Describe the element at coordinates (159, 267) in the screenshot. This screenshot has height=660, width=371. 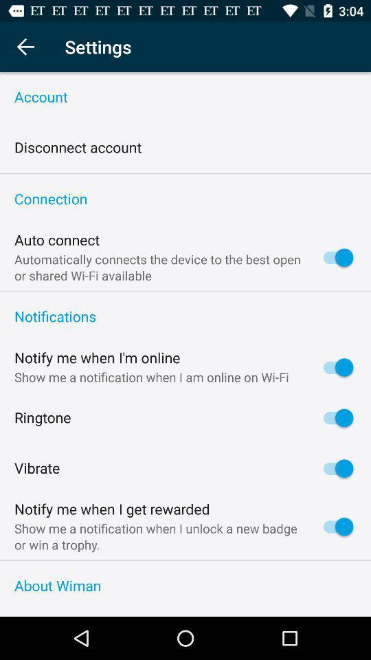
I see `the automatically connects the icon` at that location.